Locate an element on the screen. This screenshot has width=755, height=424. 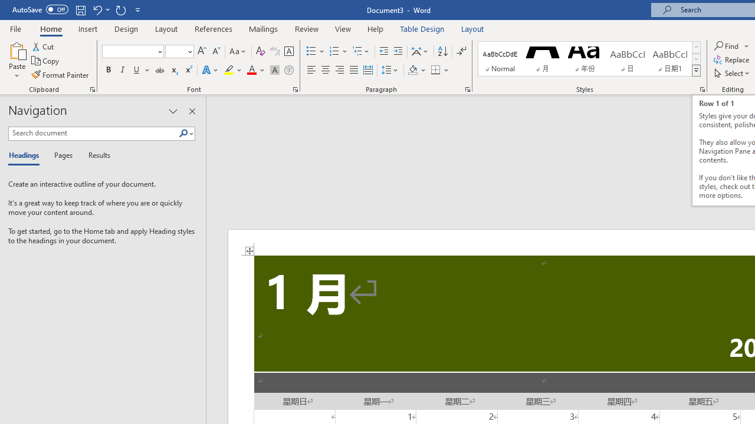
'Font Color RGB(255, 0, 0)' is located at coordinates (251, 70).